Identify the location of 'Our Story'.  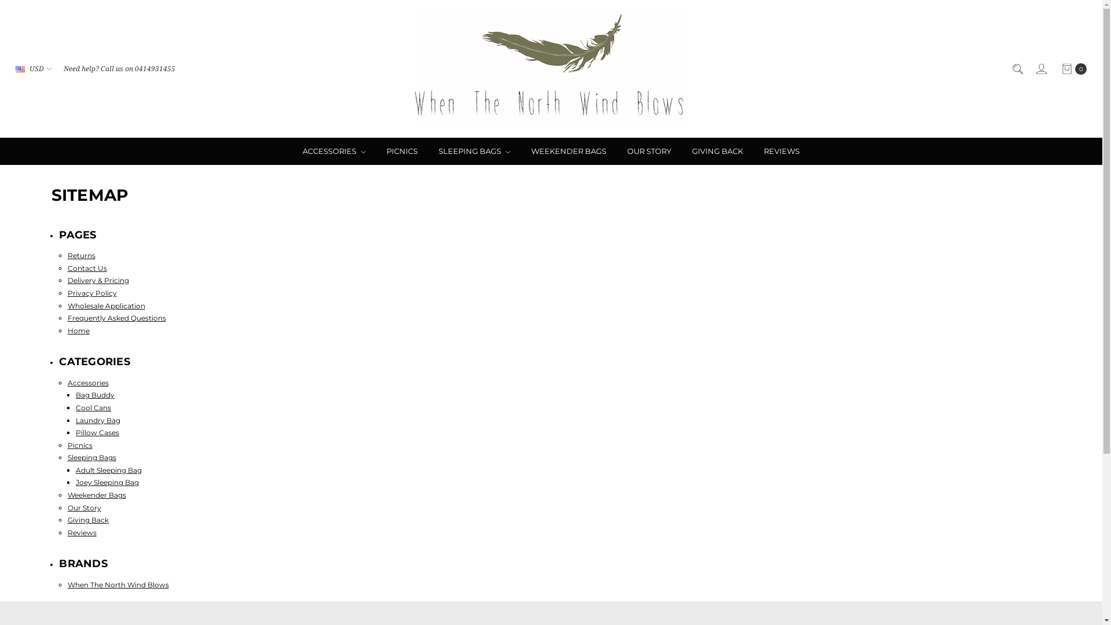
(83, 507).